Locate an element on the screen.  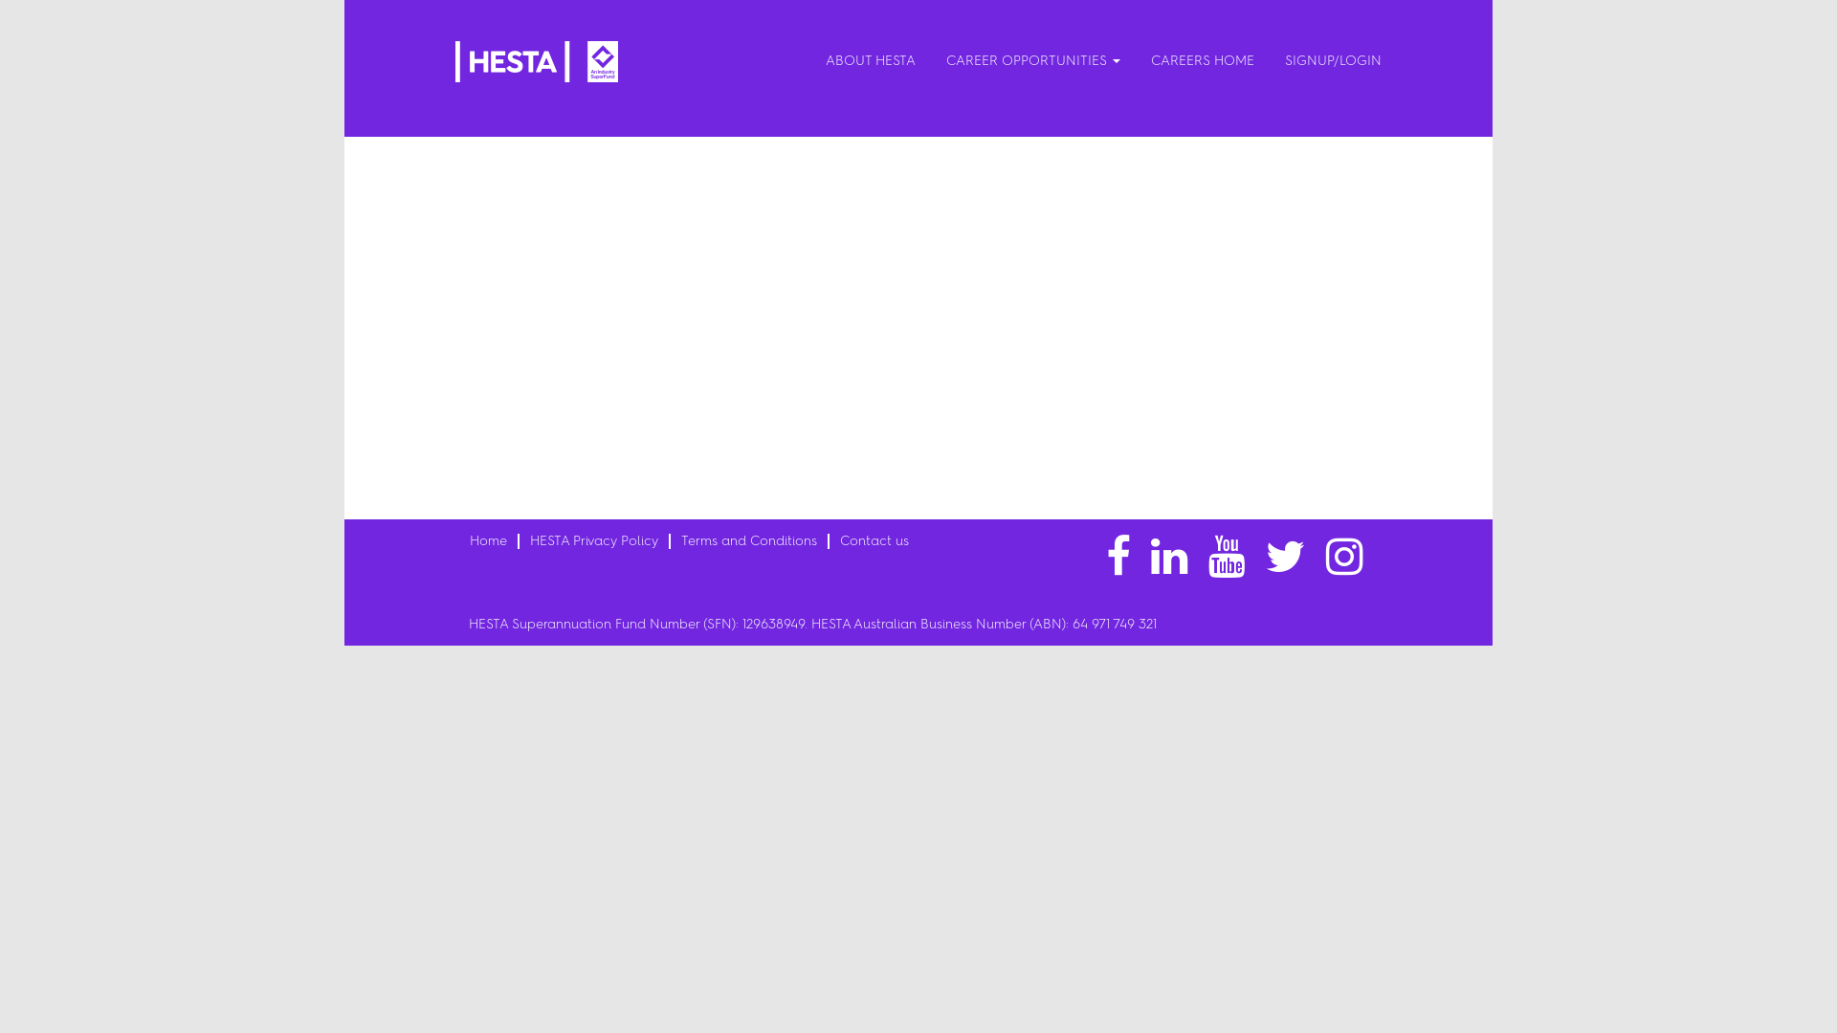
'ABOUT HESTA' is located at coordinates (870, 58).